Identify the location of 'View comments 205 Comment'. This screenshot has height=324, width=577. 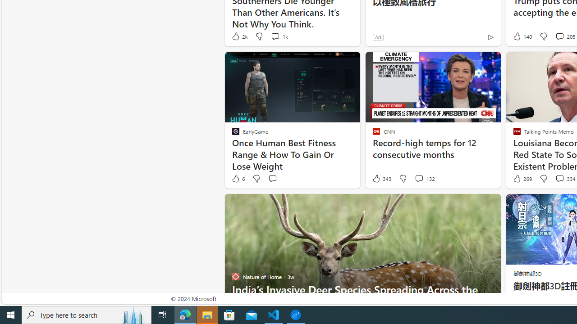
(559, 36).